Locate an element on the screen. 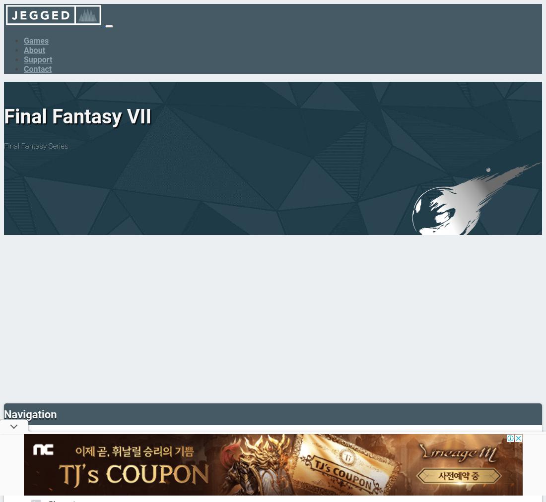 This screenshot has width=546, height=502. 'Contact' is located at coordinates (23, 69).